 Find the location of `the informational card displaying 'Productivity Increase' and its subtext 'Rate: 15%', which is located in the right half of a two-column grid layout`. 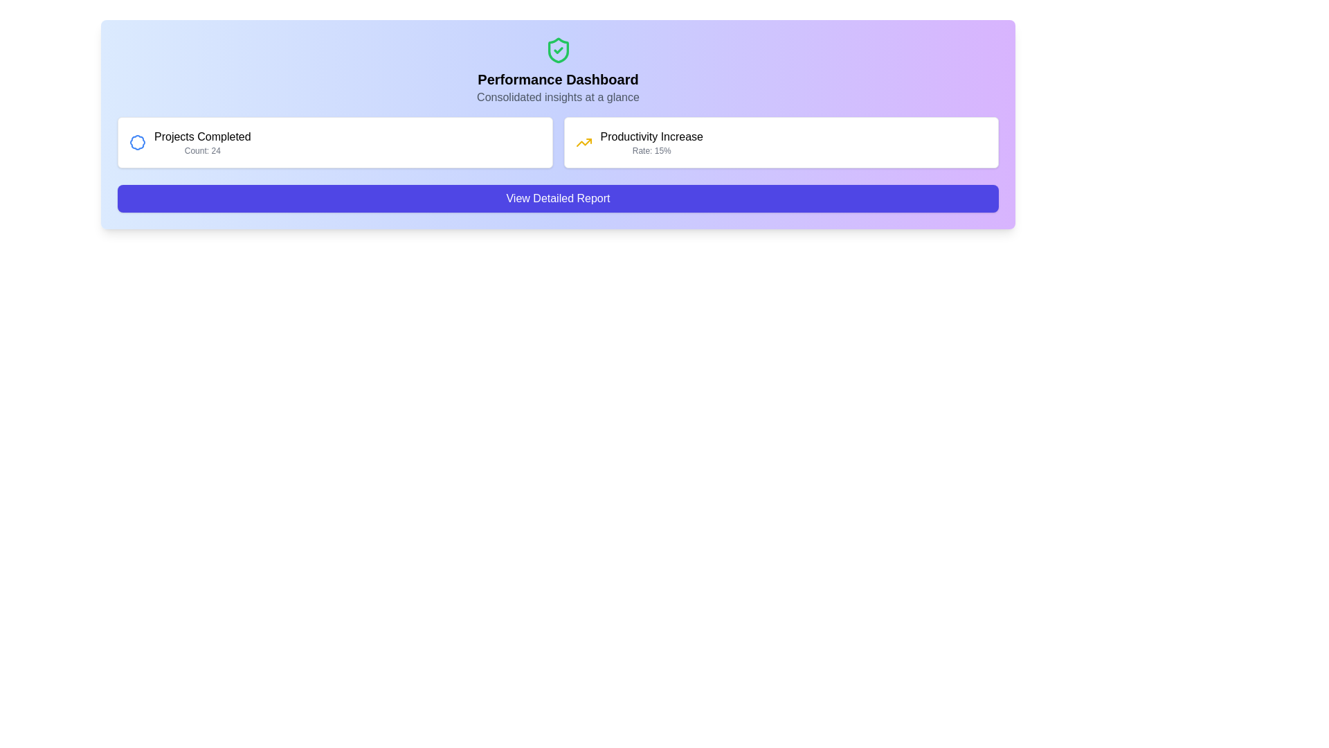

the informational card displaying 'Productivity Increase' and its subtext 'Rate: 15%', which is located in the right half of a two-column grid layout is located at coordinates (781, 142).